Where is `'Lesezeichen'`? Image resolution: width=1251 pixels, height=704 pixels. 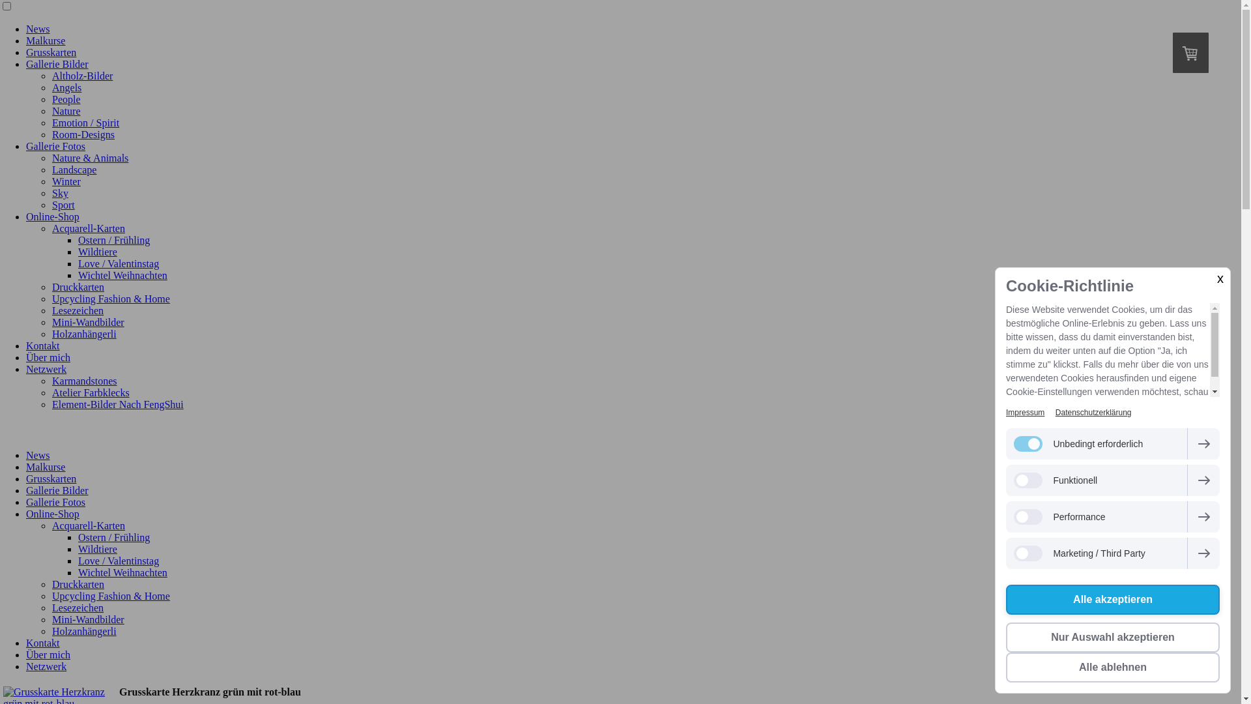
'Lesezeichen' is located at coordinates (77, 608).